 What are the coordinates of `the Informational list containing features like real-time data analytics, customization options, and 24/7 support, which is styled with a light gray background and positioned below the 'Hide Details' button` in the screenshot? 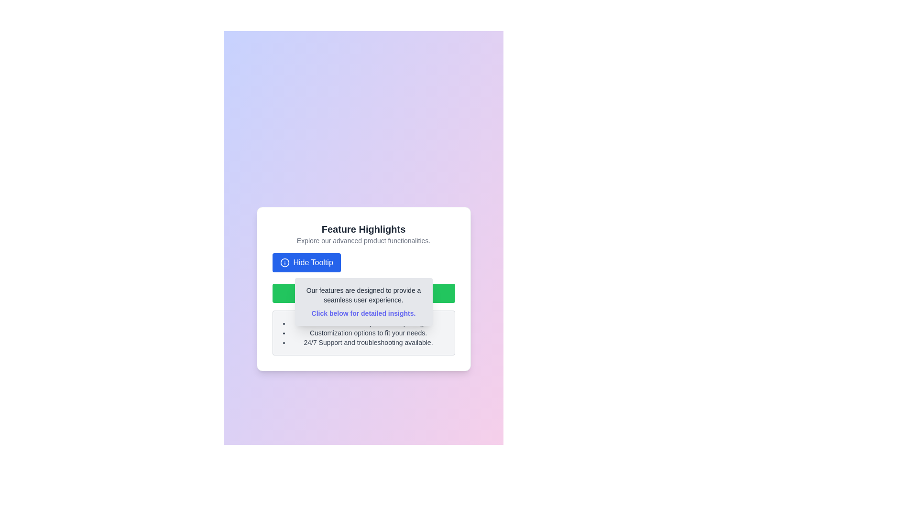 It's located at (363, 333).